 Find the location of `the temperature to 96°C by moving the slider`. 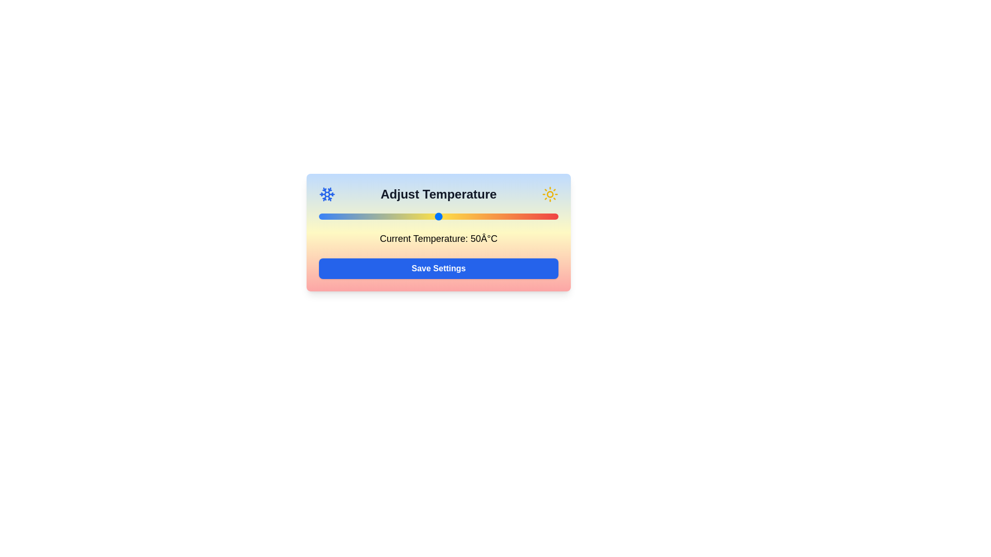

the temperature to 96°C by moving the slider is located at coordinates (548, 216).